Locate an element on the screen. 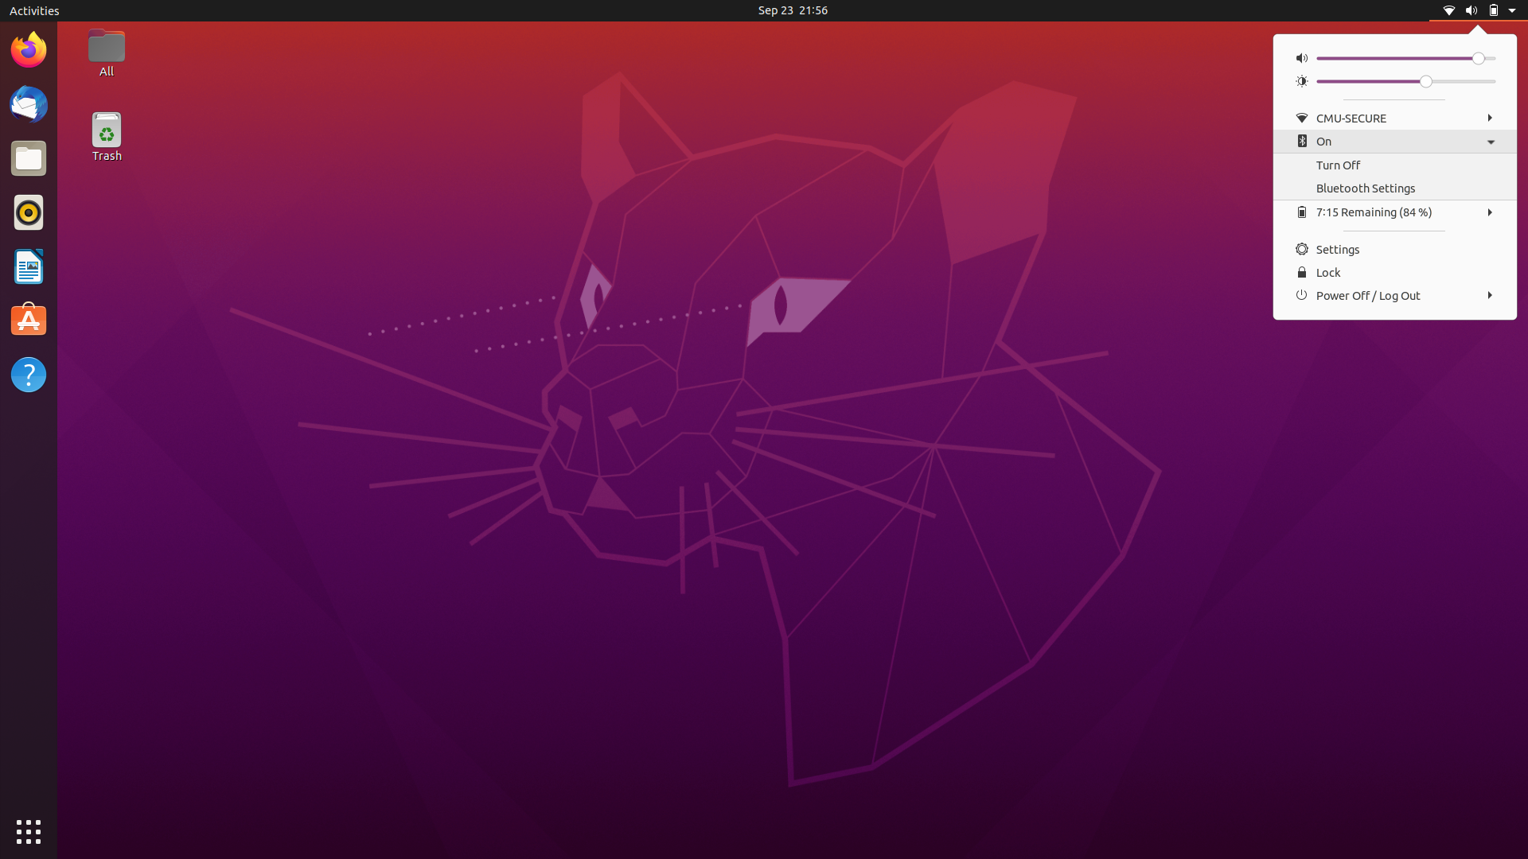 This screenshot has height=859, width=1528. Enhance Screen Illumination is located at coordinates (1488, 83).